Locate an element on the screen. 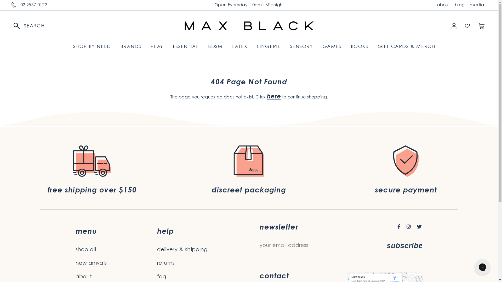  'BOOKS' is located at coordinates (359, 47).